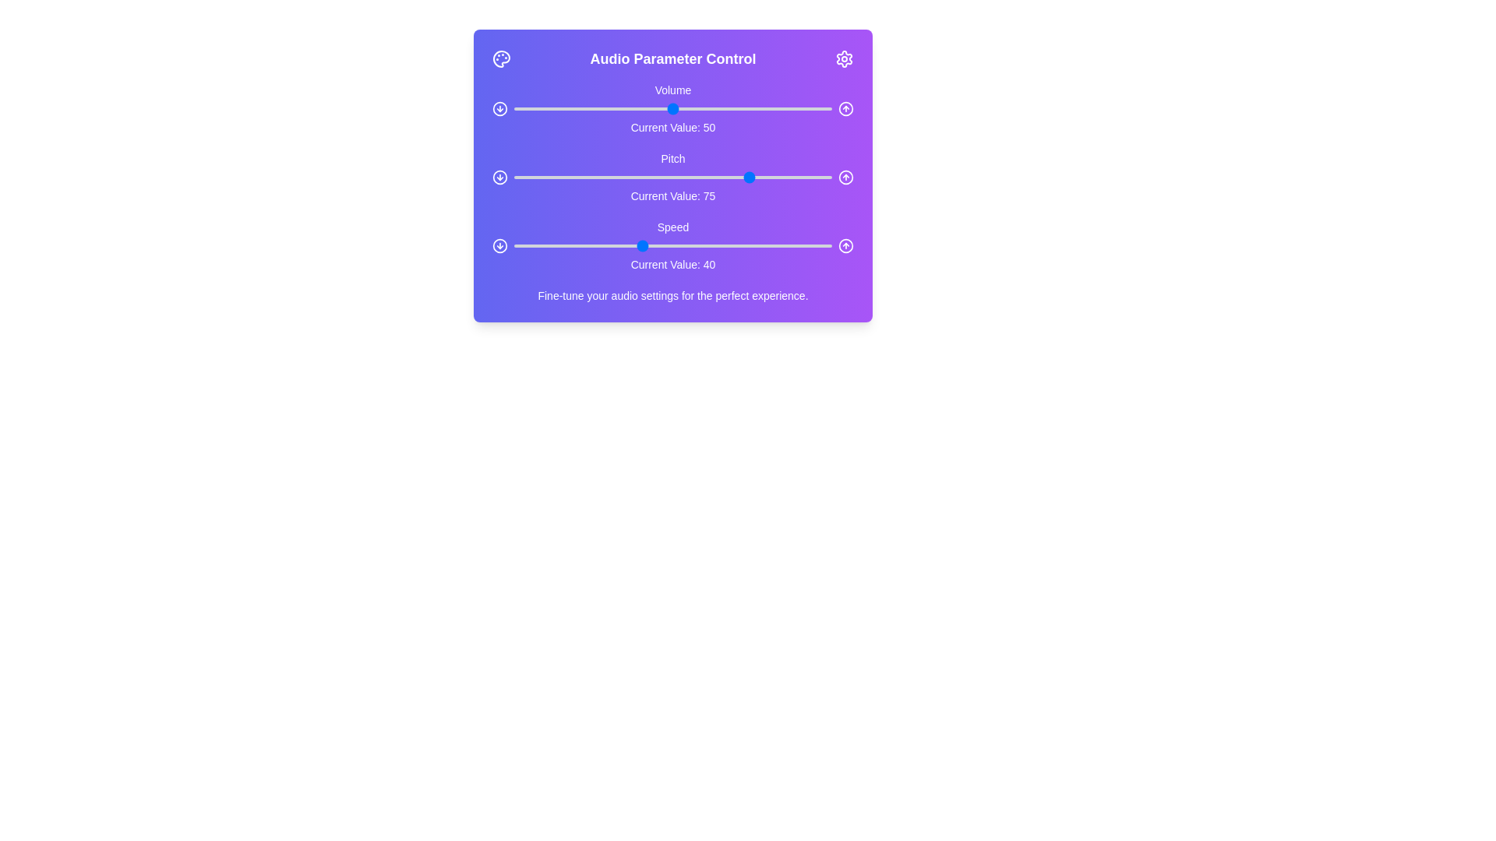  What do you see at coordinates (845, 176) in the screenshot?
I see `increment button for the parameter pitch to increase its value` at bounding box center [845, 176].